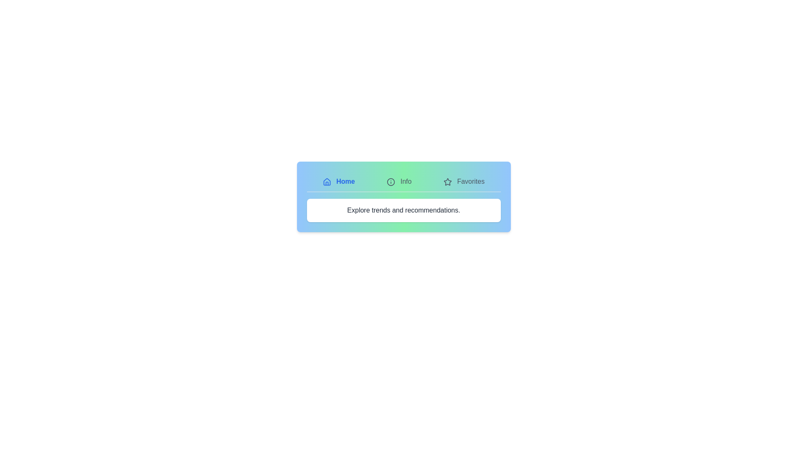  What do you see at coordinates (398, 181) in the screenshot?
I see `the tab labeled Info` at bounding box center [398, 181].